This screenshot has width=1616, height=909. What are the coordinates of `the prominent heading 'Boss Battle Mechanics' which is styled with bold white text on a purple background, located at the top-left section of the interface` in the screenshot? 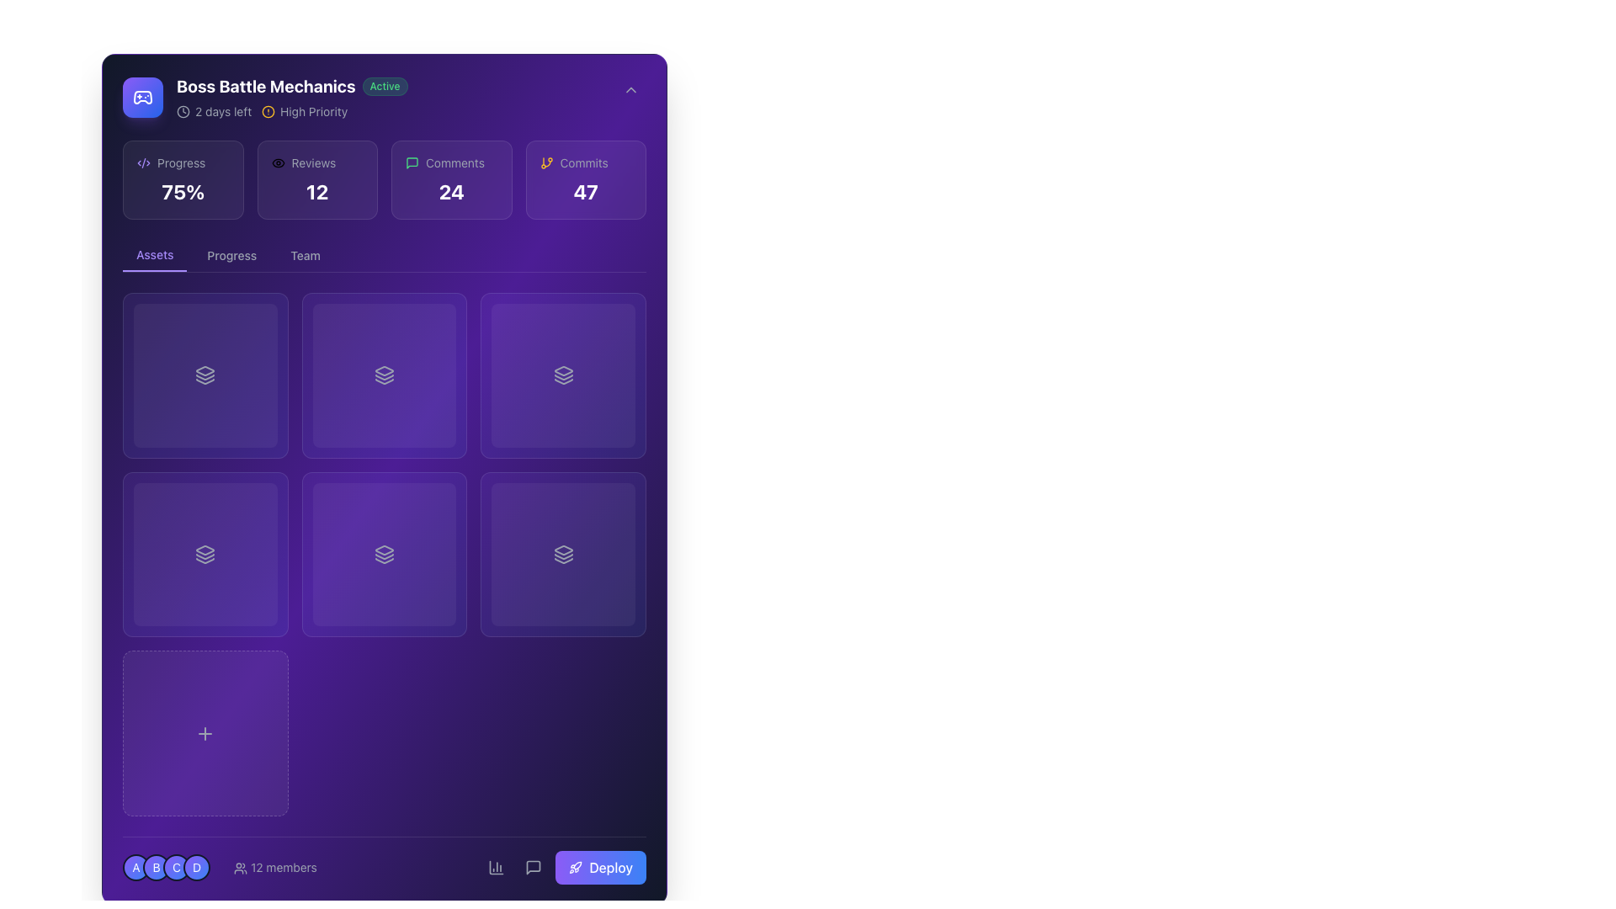 It's located at (265, 87).